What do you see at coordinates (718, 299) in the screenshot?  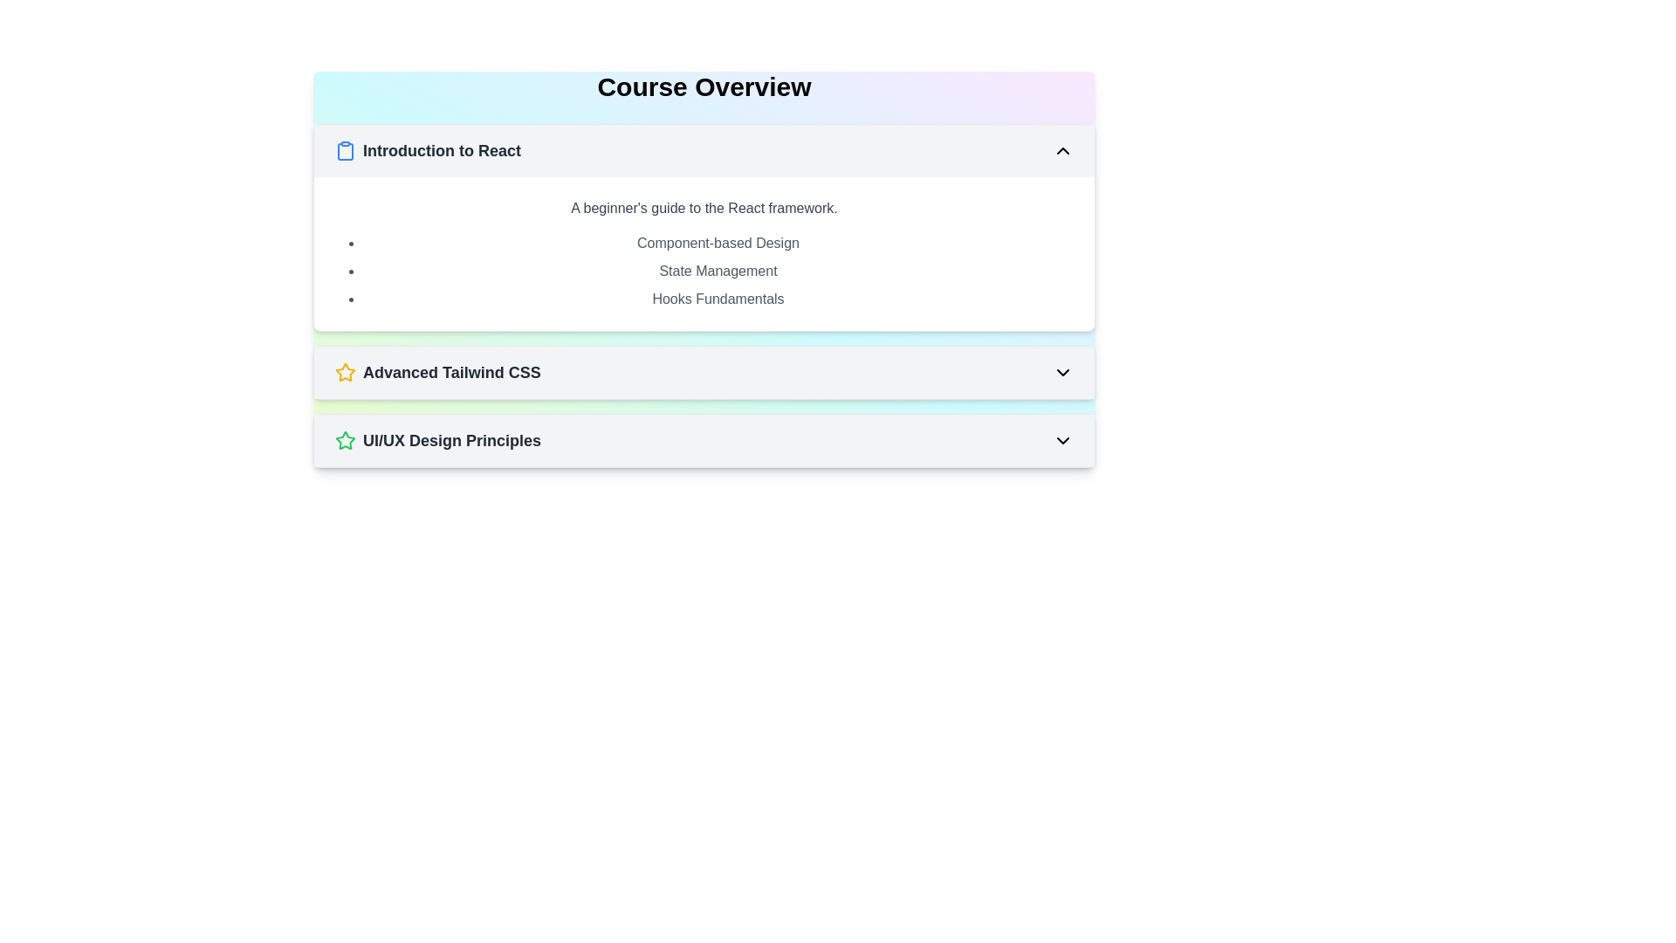 I see `the text element 'Hooks Fundamentals' styled in gray, located under 'State Management' in the 'Introduction to React' section` at bounding box center [718, 299].